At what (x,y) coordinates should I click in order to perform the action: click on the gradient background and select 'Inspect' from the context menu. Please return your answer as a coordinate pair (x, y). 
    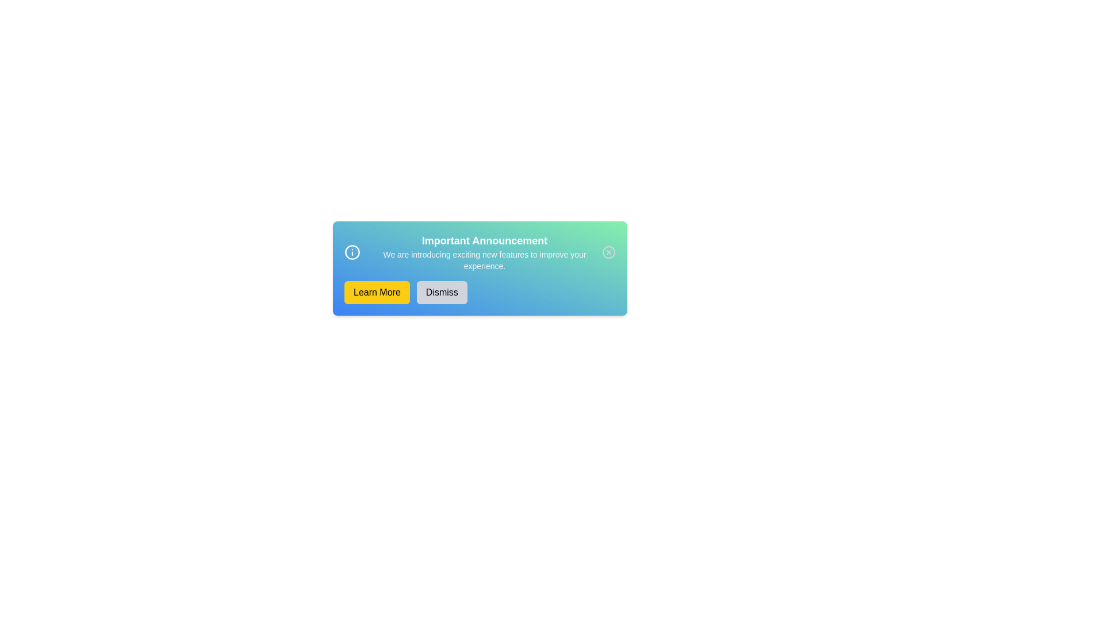
    Looking at the image, I should click on (480, 268).